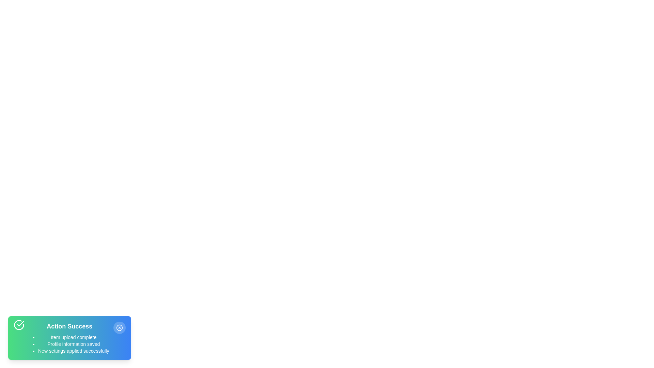 This screenshot has width=654, height=368. What do you see at coordinates (170, 170) in the screenshot?
I see `the background area outside the Snackbar to dismiss it` at bounding box center [170, 170].